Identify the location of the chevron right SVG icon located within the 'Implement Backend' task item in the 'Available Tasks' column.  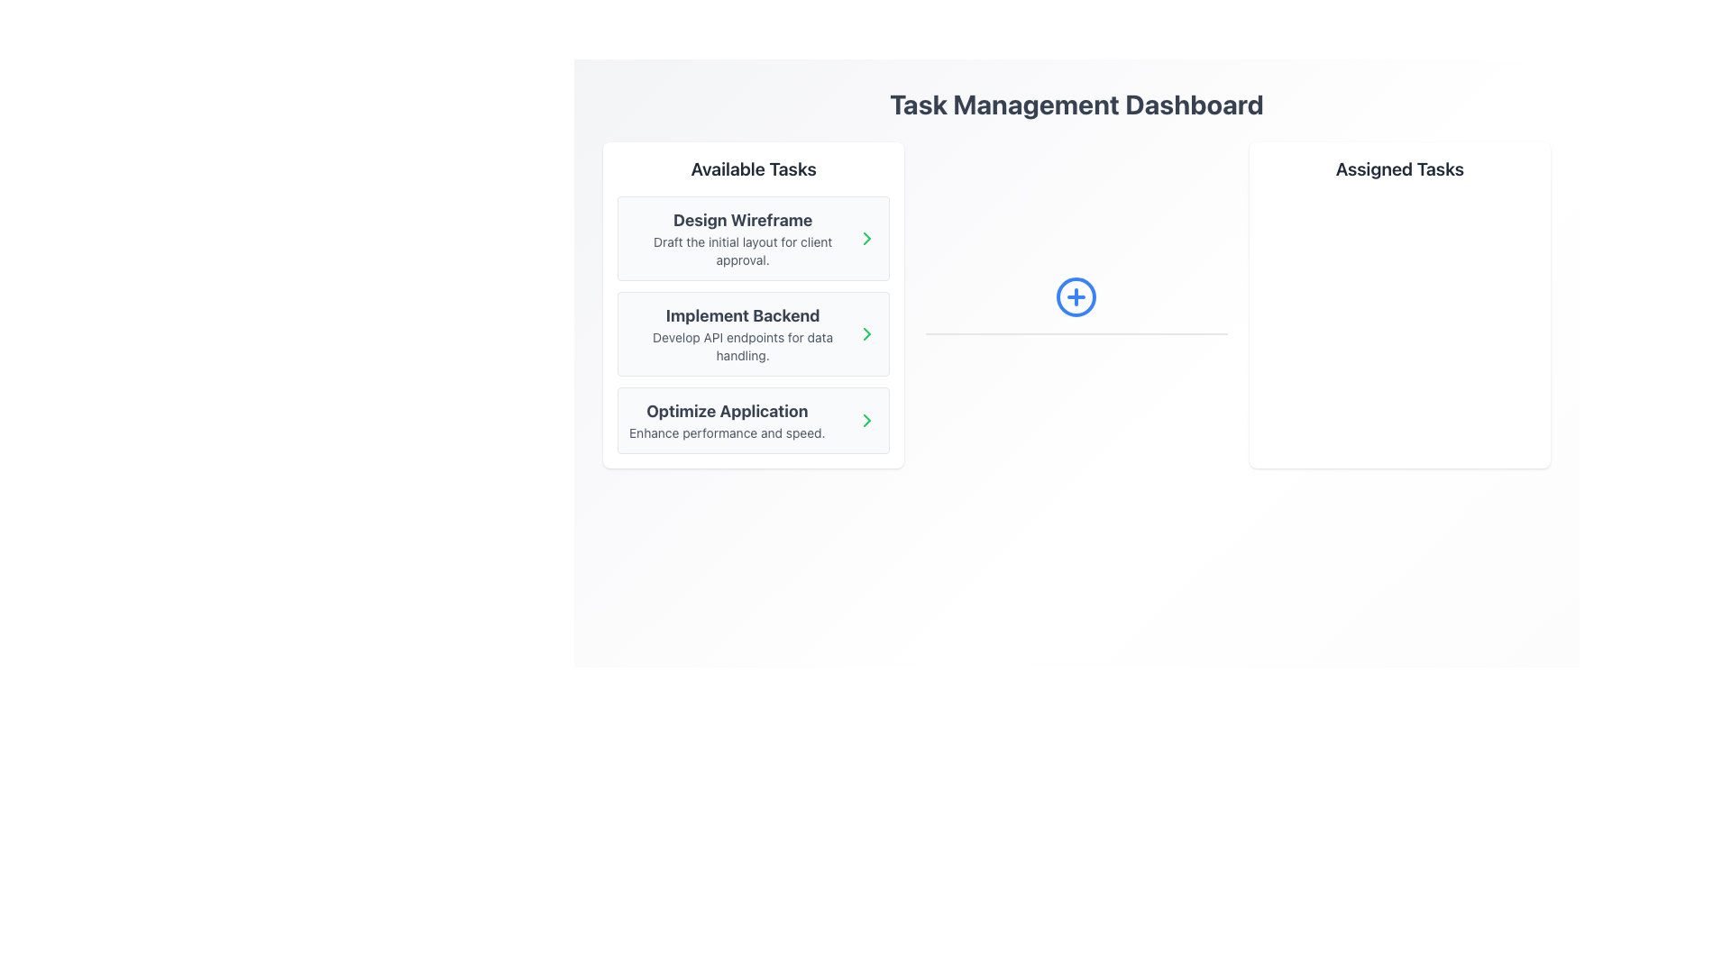
(867, 333).